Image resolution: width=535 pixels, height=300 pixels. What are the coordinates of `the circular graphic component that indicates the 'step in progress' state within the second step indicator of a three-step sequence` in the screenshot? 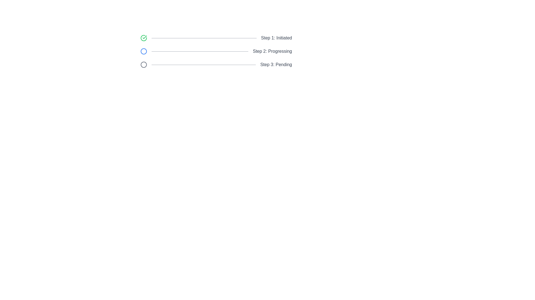 It's located at (144, 51).